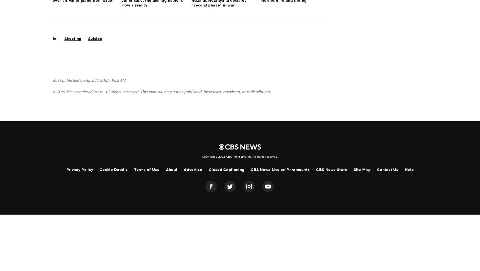 This screenshot has width=480, height=271. I want to click on 'Copyright ©2023 CBS Interactive Inc. All rights reserved.', so click(240, 156).